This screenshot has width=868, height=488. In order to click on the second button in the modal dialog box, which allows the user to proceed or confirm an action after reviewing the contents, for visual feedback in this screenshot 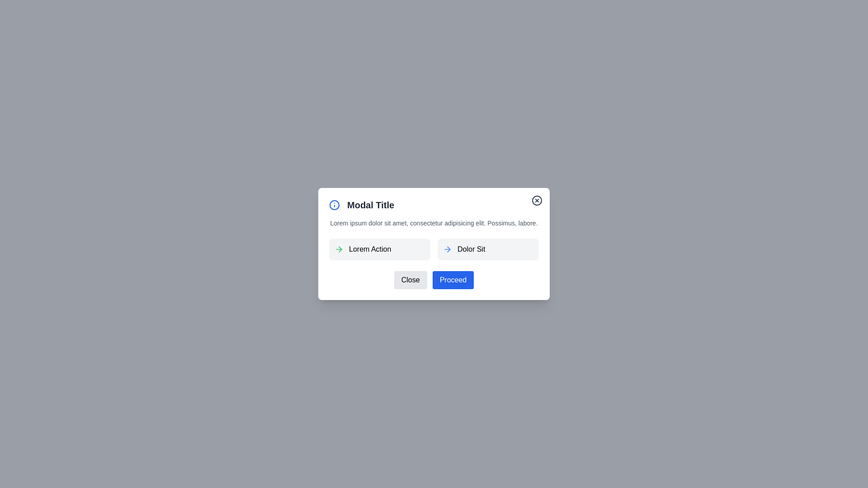, I will do `click(453, 280)`.